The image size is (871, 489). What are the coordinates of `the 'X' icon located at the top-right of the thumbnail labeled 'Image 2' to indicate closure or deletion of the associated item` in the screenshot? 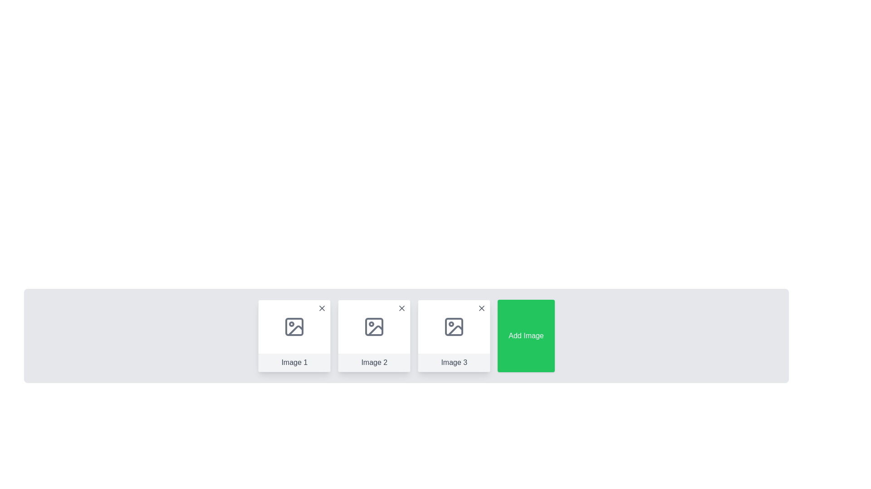 It's located at (401, 308).